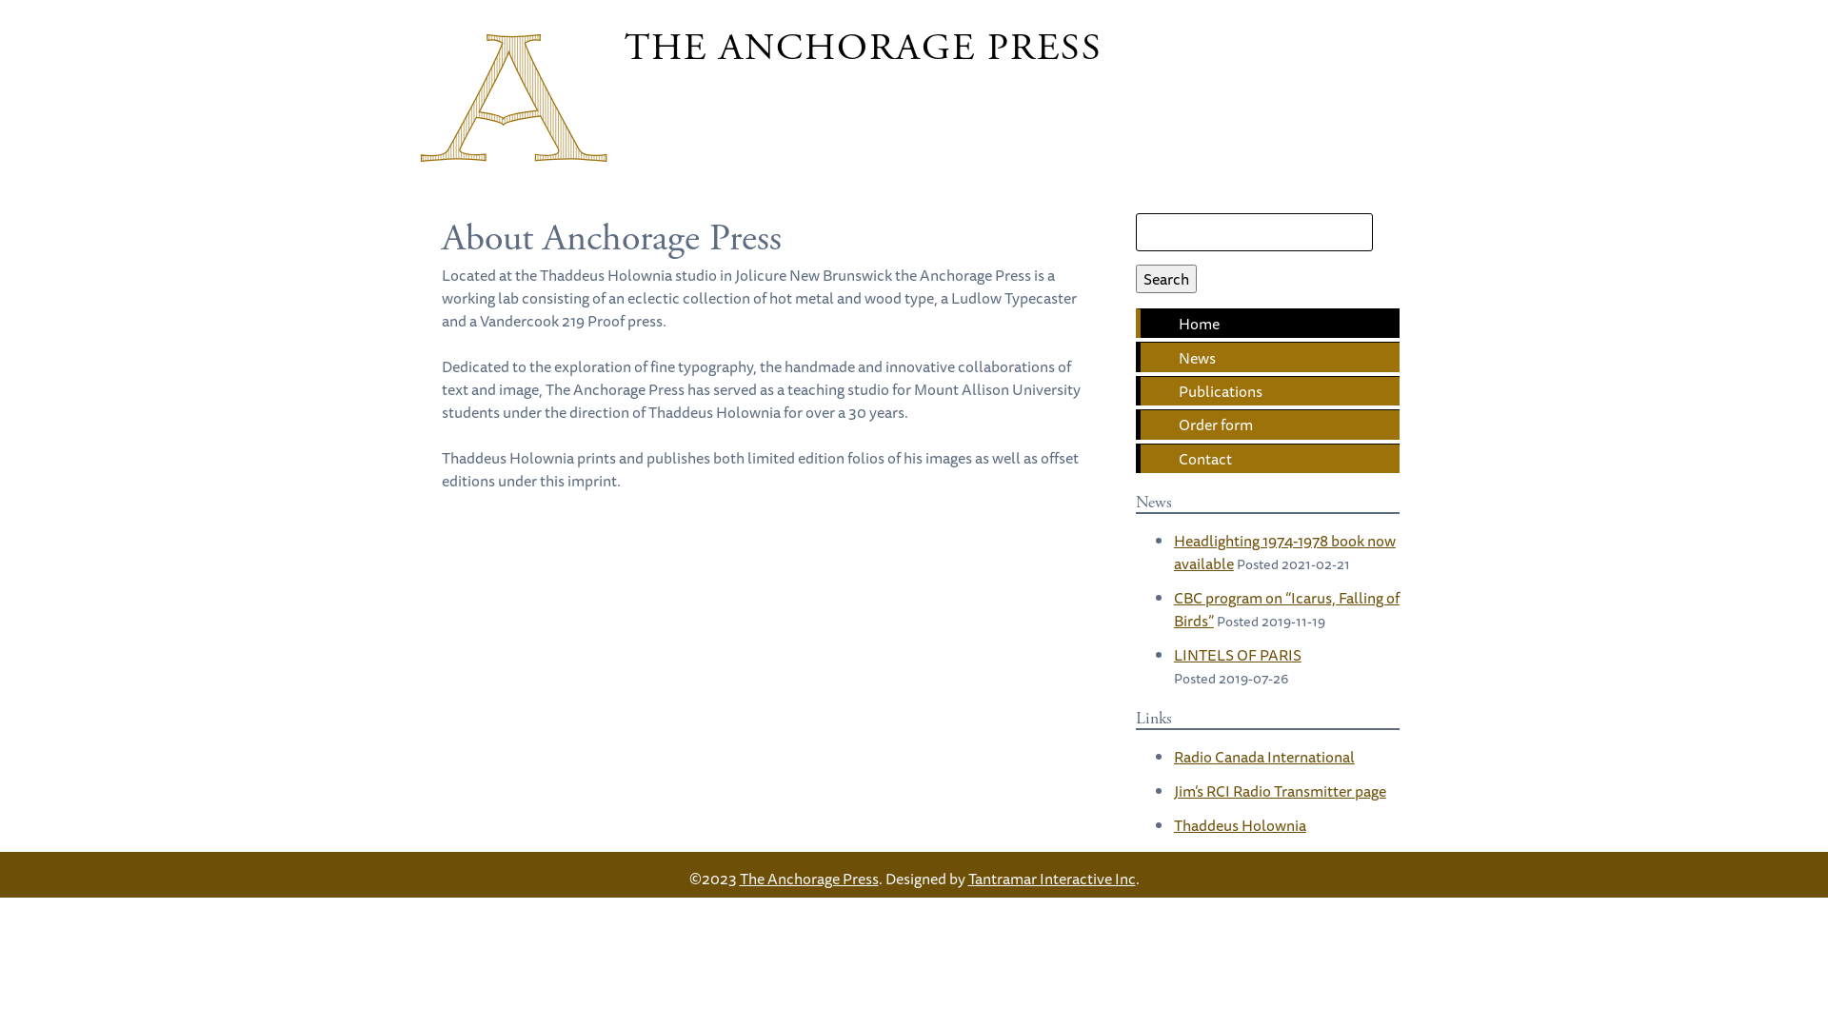 This screenshot has width=1828, height=1028. Describe the element at coordinates (1164, 279) in the screenshot. I see `'Search'` at that location.